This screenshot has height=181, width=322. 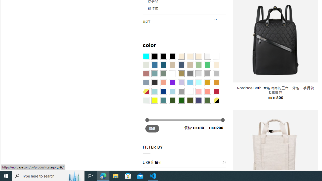 What do you see at coordinates (198, 56) in the screenshot?
I see `'Cream'` at bounding box center [198, 56].